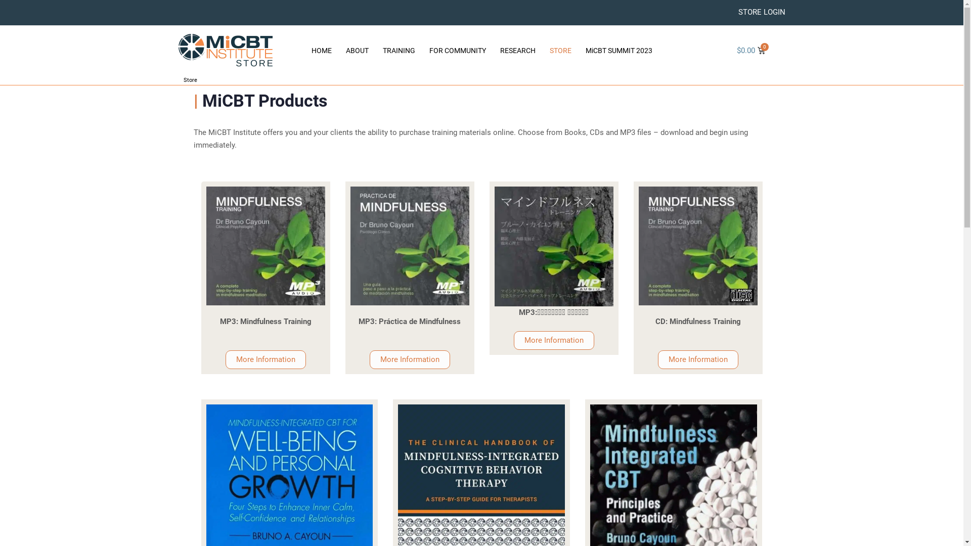 The width and height of the screenshot is (971, 546). I want to click on 'STORE', so click(559, 51).